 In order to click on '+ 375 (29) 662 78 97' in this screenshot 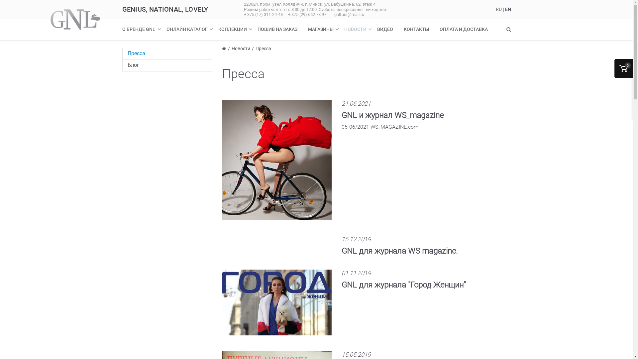, I will do `click(288, 14)`.